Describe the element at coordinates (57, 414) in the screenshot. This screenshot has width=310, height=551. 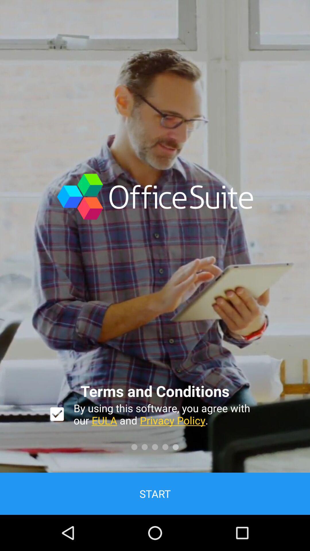
I see `agree to the terms and conditions` at that location.